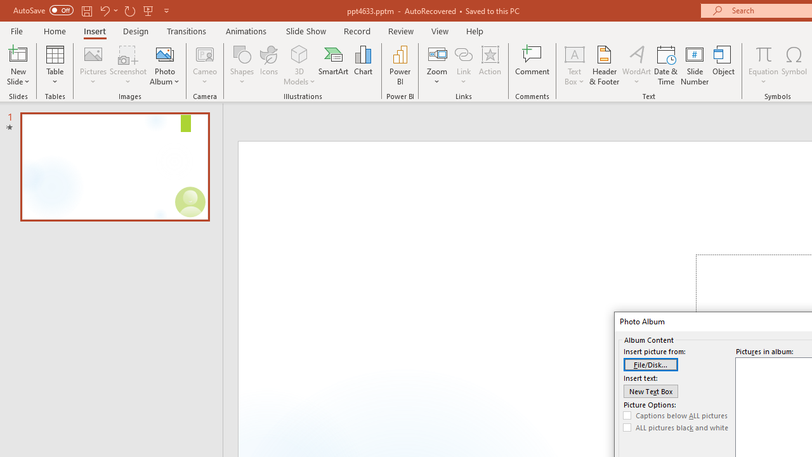  Describe the element at coordinates (650, 364) in the screenshot. I see `'File/Disk...'` at that location.